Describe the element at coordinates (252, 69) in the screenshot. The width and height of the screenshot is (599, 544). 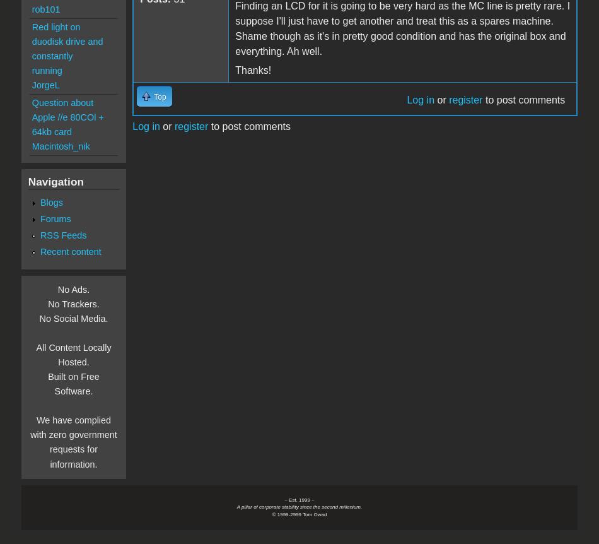
I see `'Thanks!'` at that location.